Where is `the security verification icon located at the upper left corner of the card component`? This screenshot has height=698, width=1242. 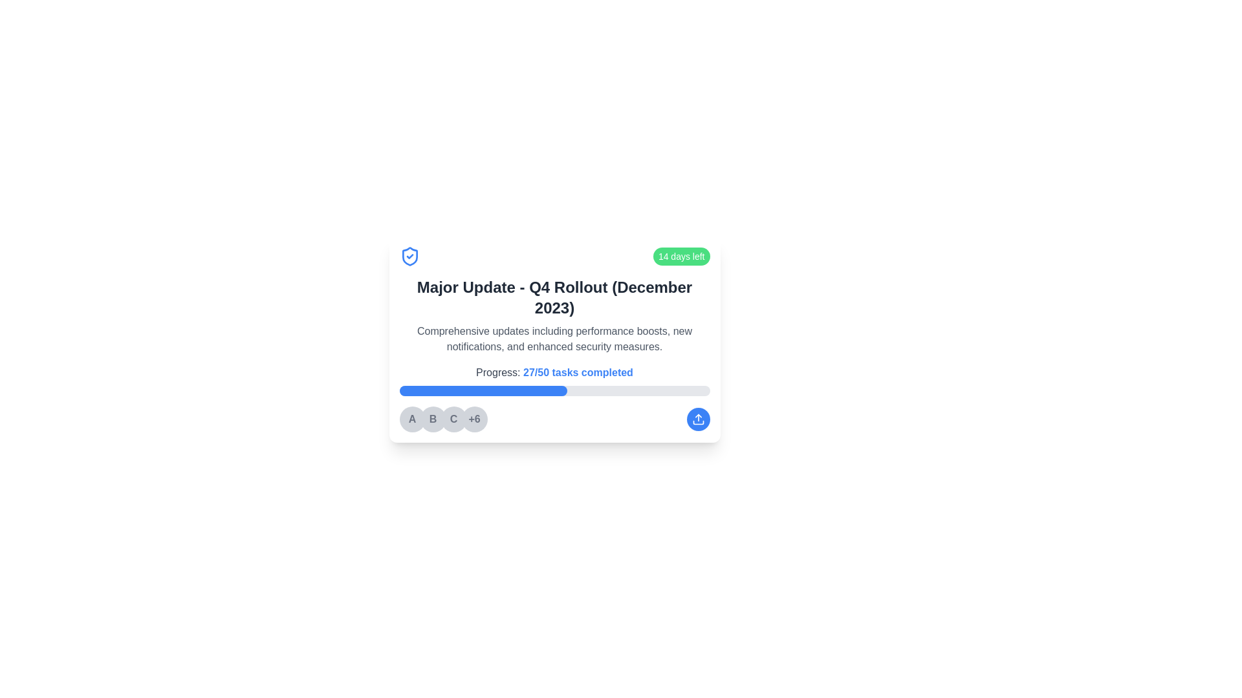 the security verification icon located at the upper left corner of the card component is located at coordinates (409, 257).